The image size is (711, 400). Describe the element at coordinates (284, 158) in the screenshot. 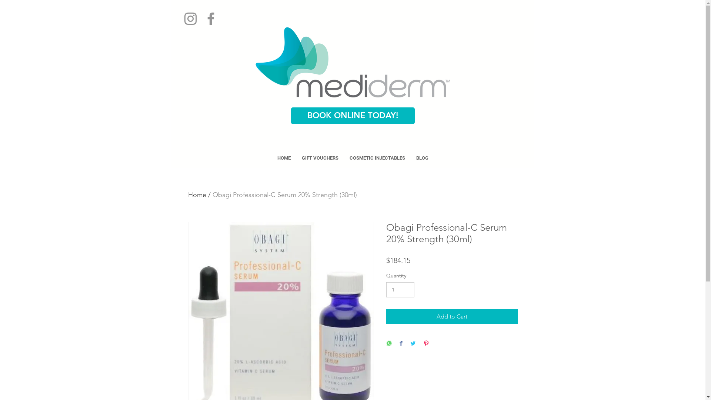

I see `'HOME'` at that location.